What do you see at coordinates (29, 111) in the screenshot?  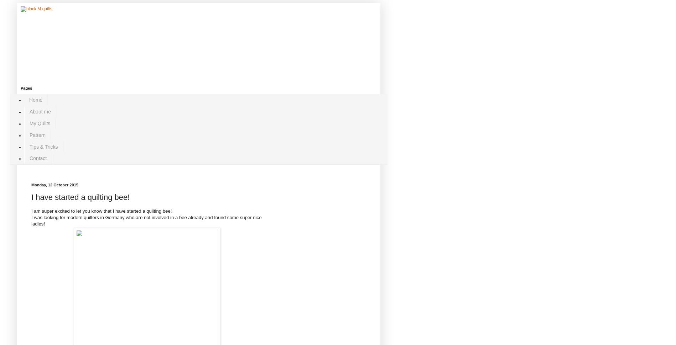 I see `'About me'` at bounding box center [29, 111].